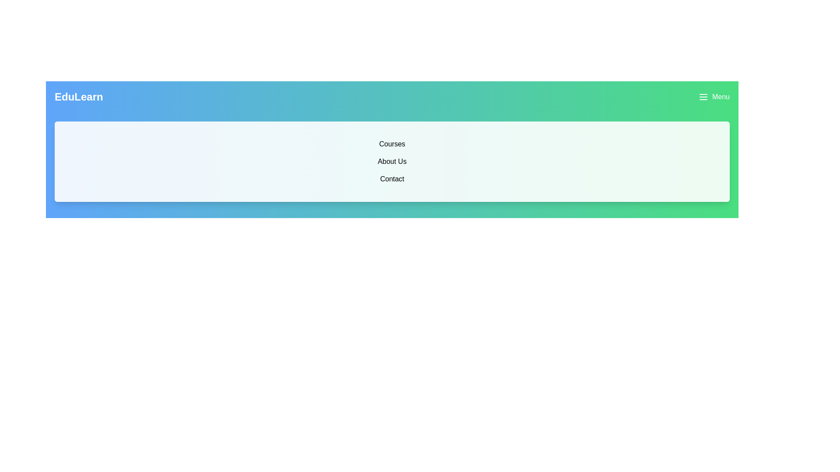 The height and width of the screenshot is (472, 840). What do you see at coordinates (79, 97) in the screenshot?
I see `the 'EduLearn' branding text label located on the left side of the header bar at the top of the interface` at bounding box center [79, 97].